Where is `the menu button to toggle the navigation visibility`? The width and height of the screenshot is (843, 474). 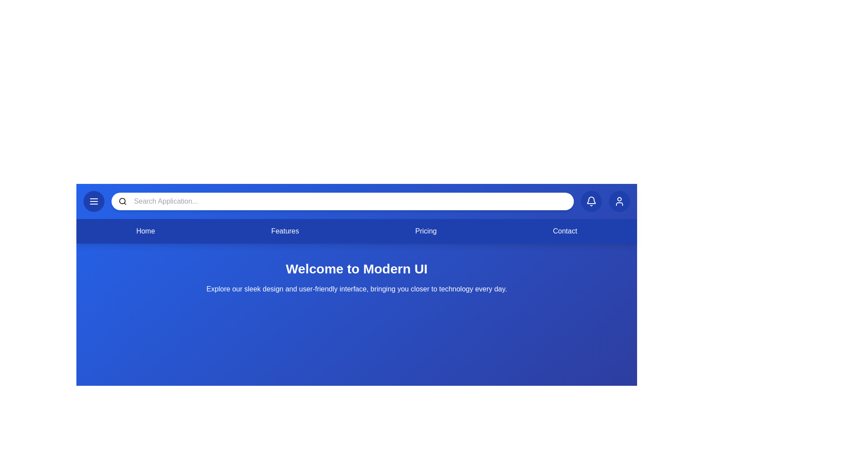
the menu button to toggle the navigation visibility is located at coordinates (94, 201).